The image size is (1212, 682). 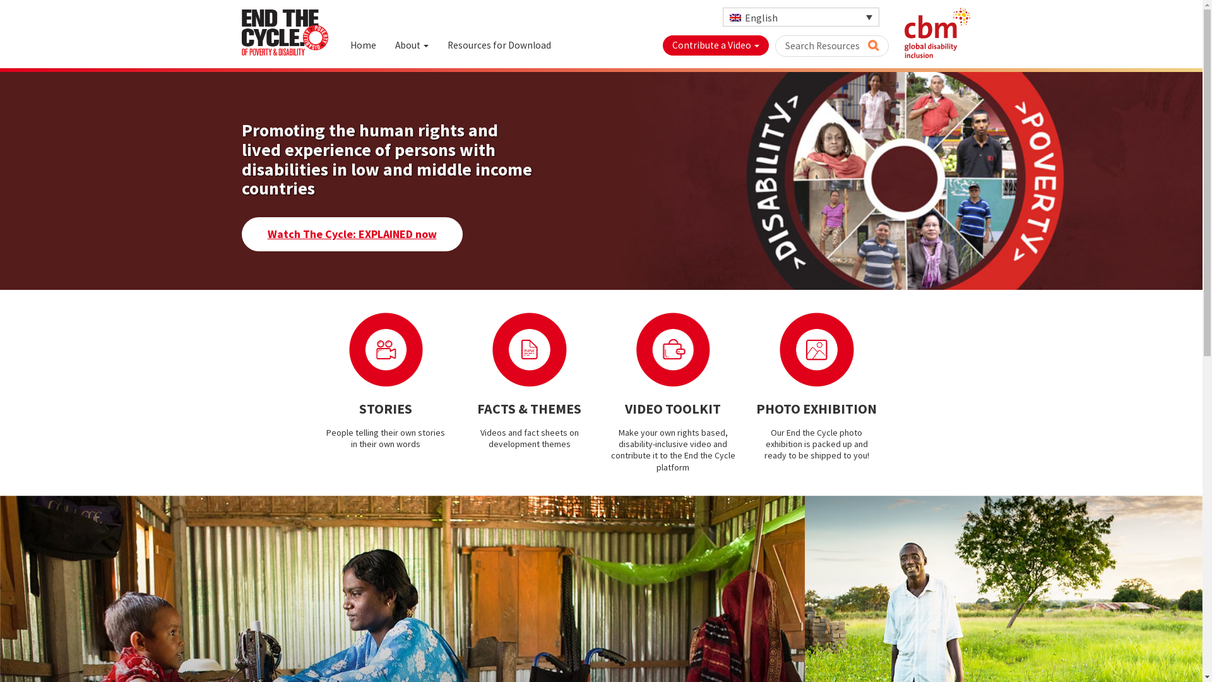 What do you see at coordinates (872, 44) in the screenshot?
I see `'Search Resources'` at bounding box center [872, 44].